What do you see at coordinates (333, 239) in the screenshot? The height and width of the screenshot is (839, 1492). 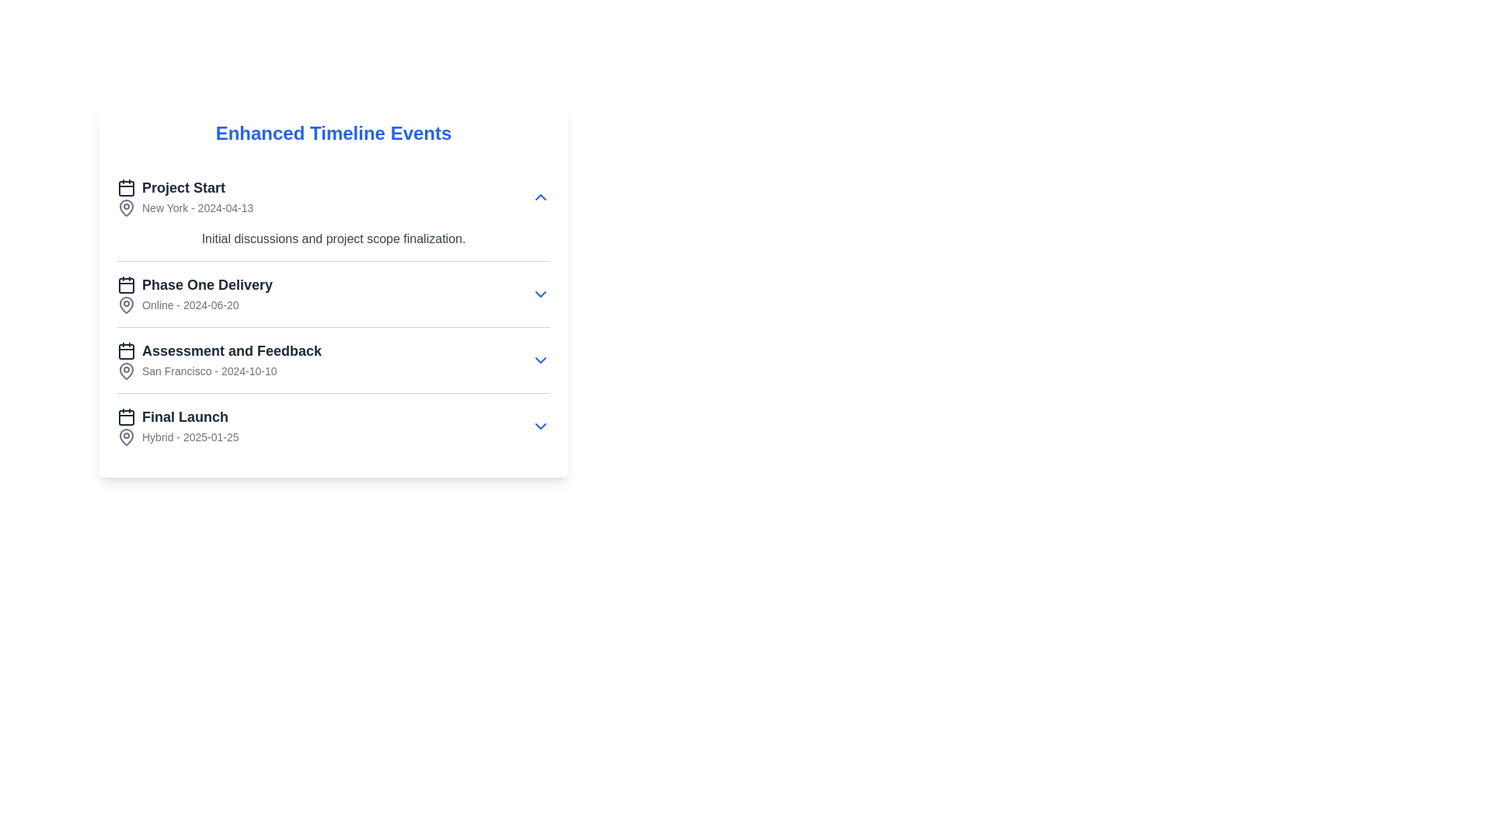 I see `the text label that reads 'Initial discussions and project scope finalization,' which is styled in gray and positioned under the 'Project Start' heading in the timeline interface` at bounding box center [333, 239].